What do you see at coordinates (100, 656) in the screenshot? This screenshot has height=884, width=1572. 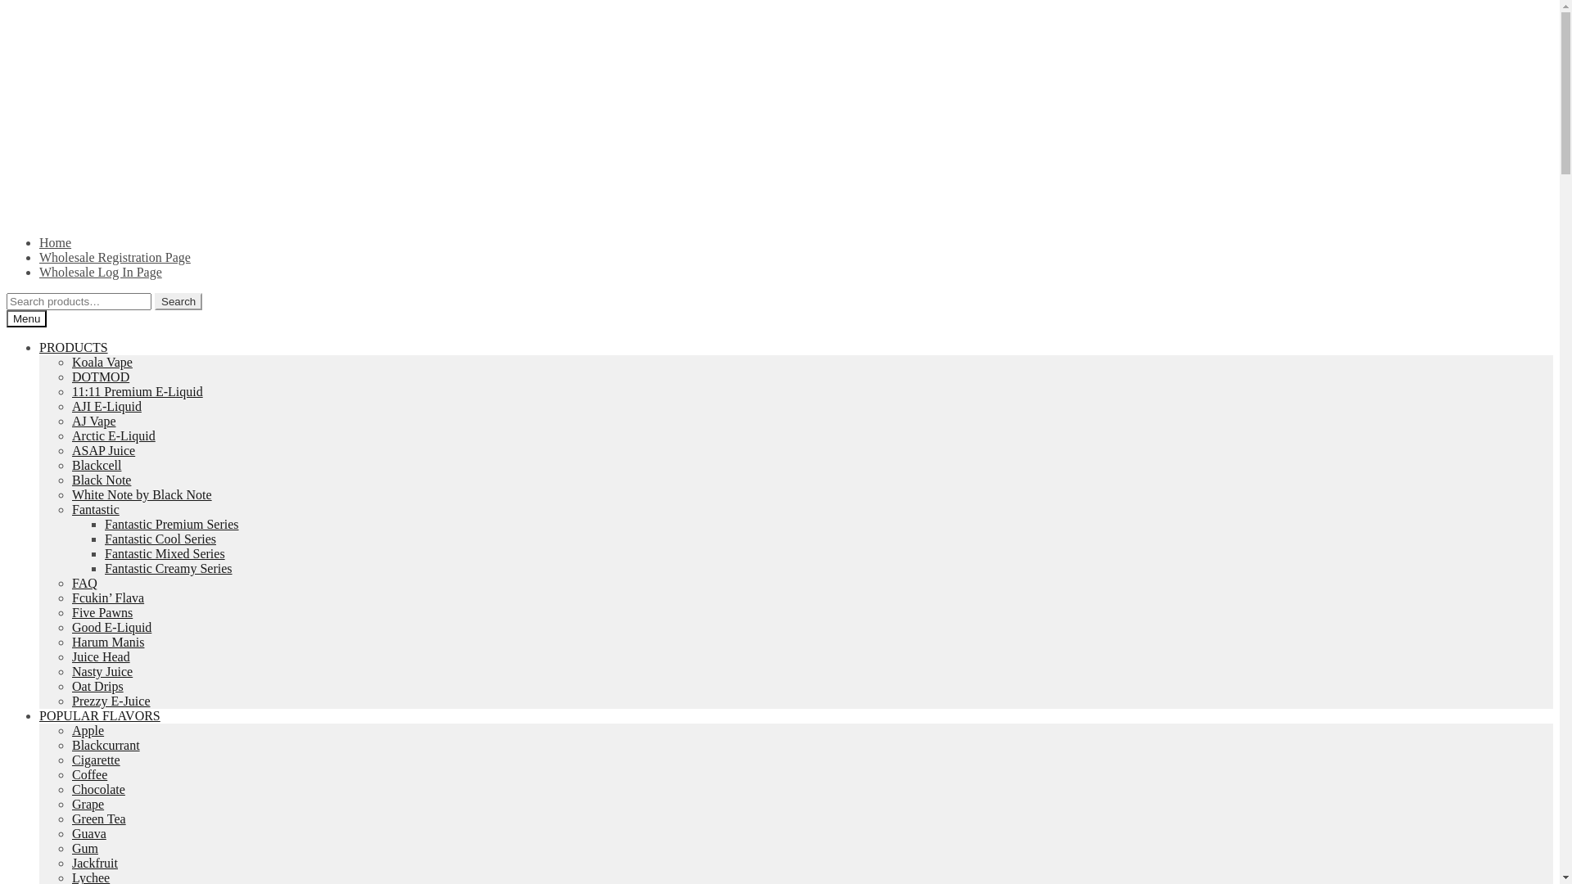 I see `'Juice Head'` at bounding box center [100, 656].